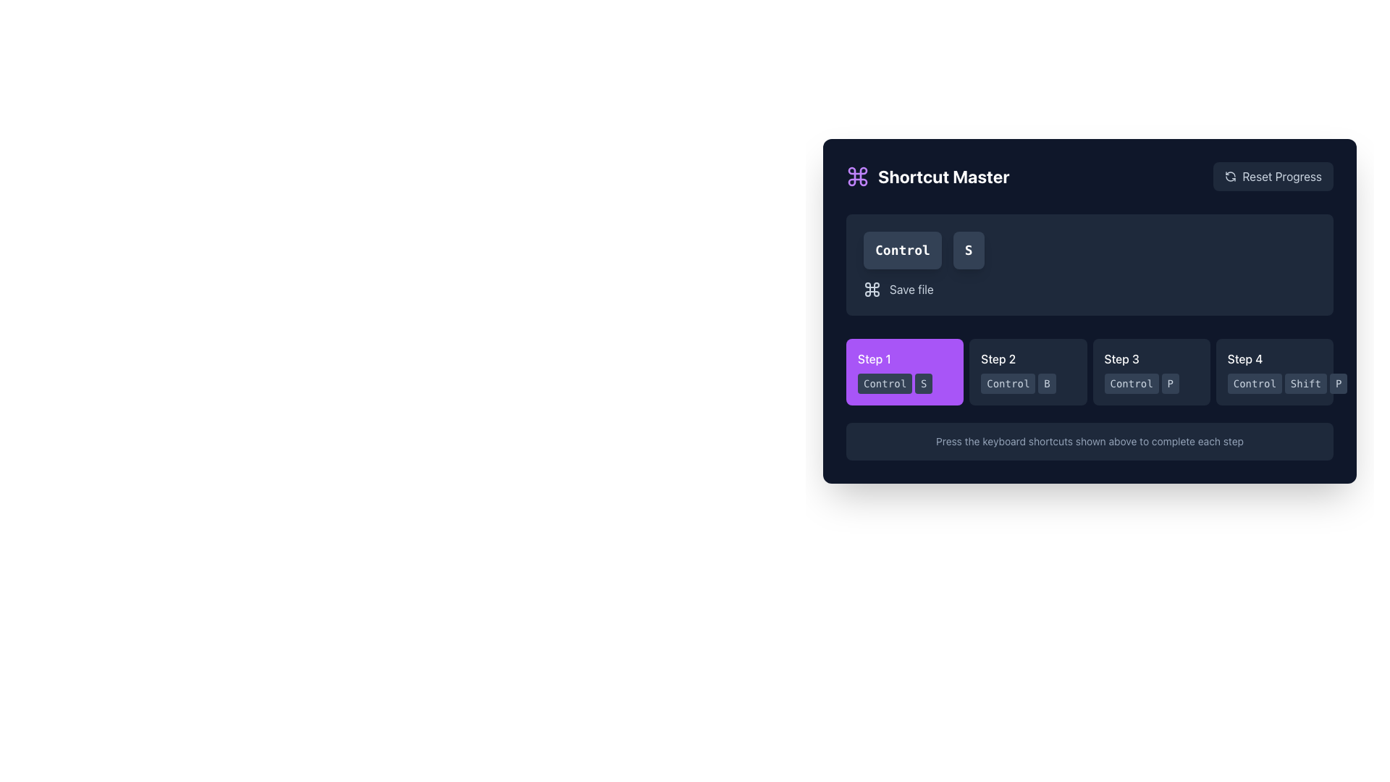 The width and height of the screenshot is (1390, 782). What do you see at coordinates (903, 382) in the screenshot?
I see `the 'Control' and 'S' buttons in the lower left corner of the 'Step 1' area, which is marked with a purple background` at bounding box center [903, 382].